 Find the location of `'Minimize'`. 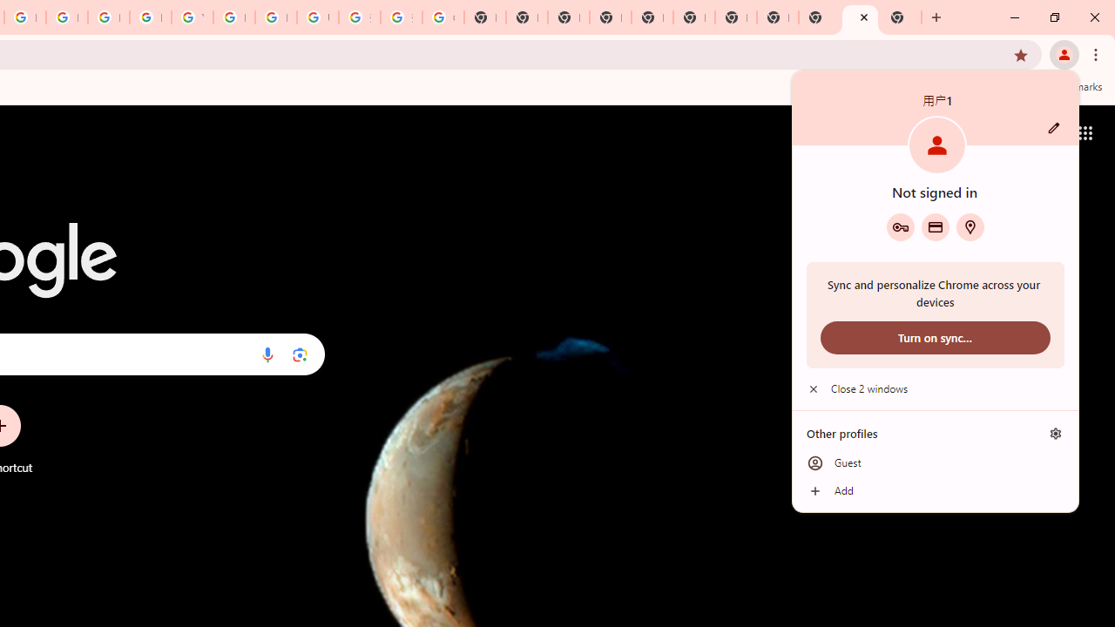

'Minimize' is located at coordinates (1015, 17).